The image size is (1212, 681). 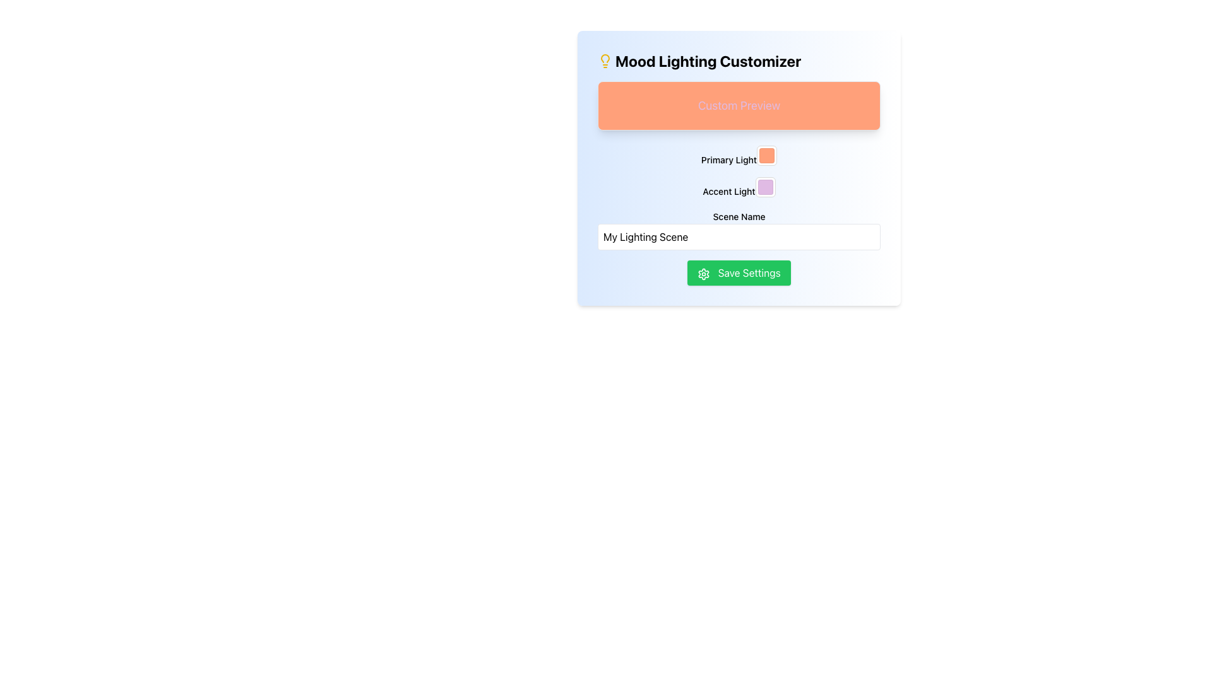 I want to click on the contents of the Preview panel, which is a rectangular box with rounded corners, featuring centered text that reads 'Custom Preview' in pastel purple, located in the 'Mood Lighting Customizer' section, so click(x=739, y=105).